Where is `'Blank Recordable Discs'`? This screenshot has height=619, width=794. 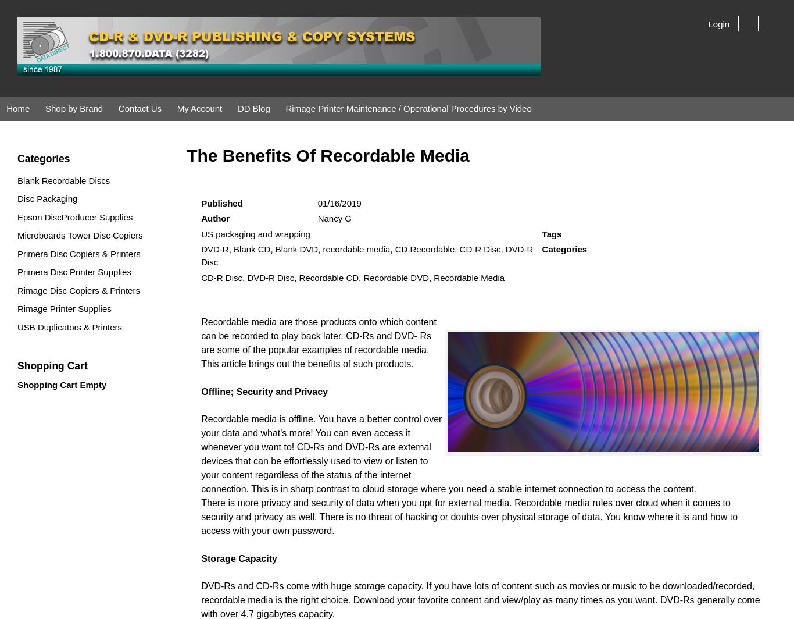
'Blank Recordable Discs' is located at coordinates (63, 180).